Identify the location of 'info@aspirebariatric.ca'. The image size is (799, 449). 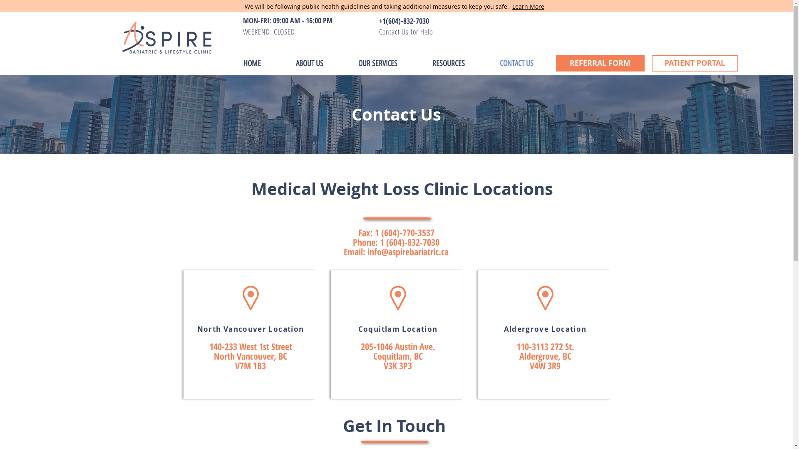
(408, 251).